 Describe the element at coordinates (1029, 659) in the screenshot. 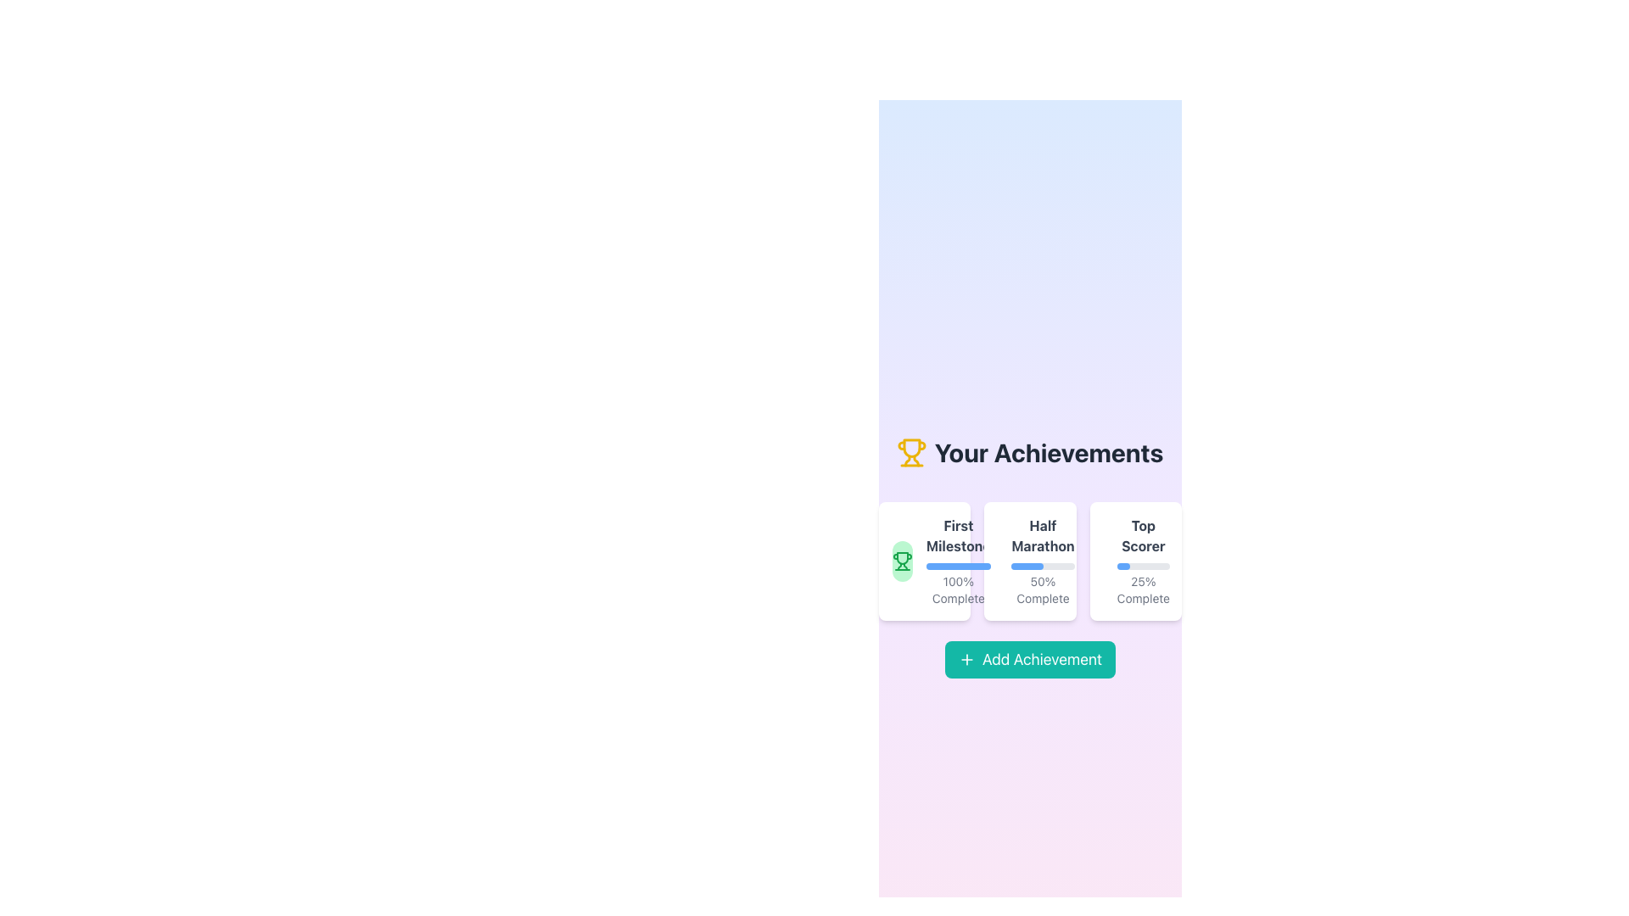

I see `the 'Add Achievement' button, which has a teal green background with a plus icon and white text, located at the bottom of the 'Your Achievements' card section` at that location.